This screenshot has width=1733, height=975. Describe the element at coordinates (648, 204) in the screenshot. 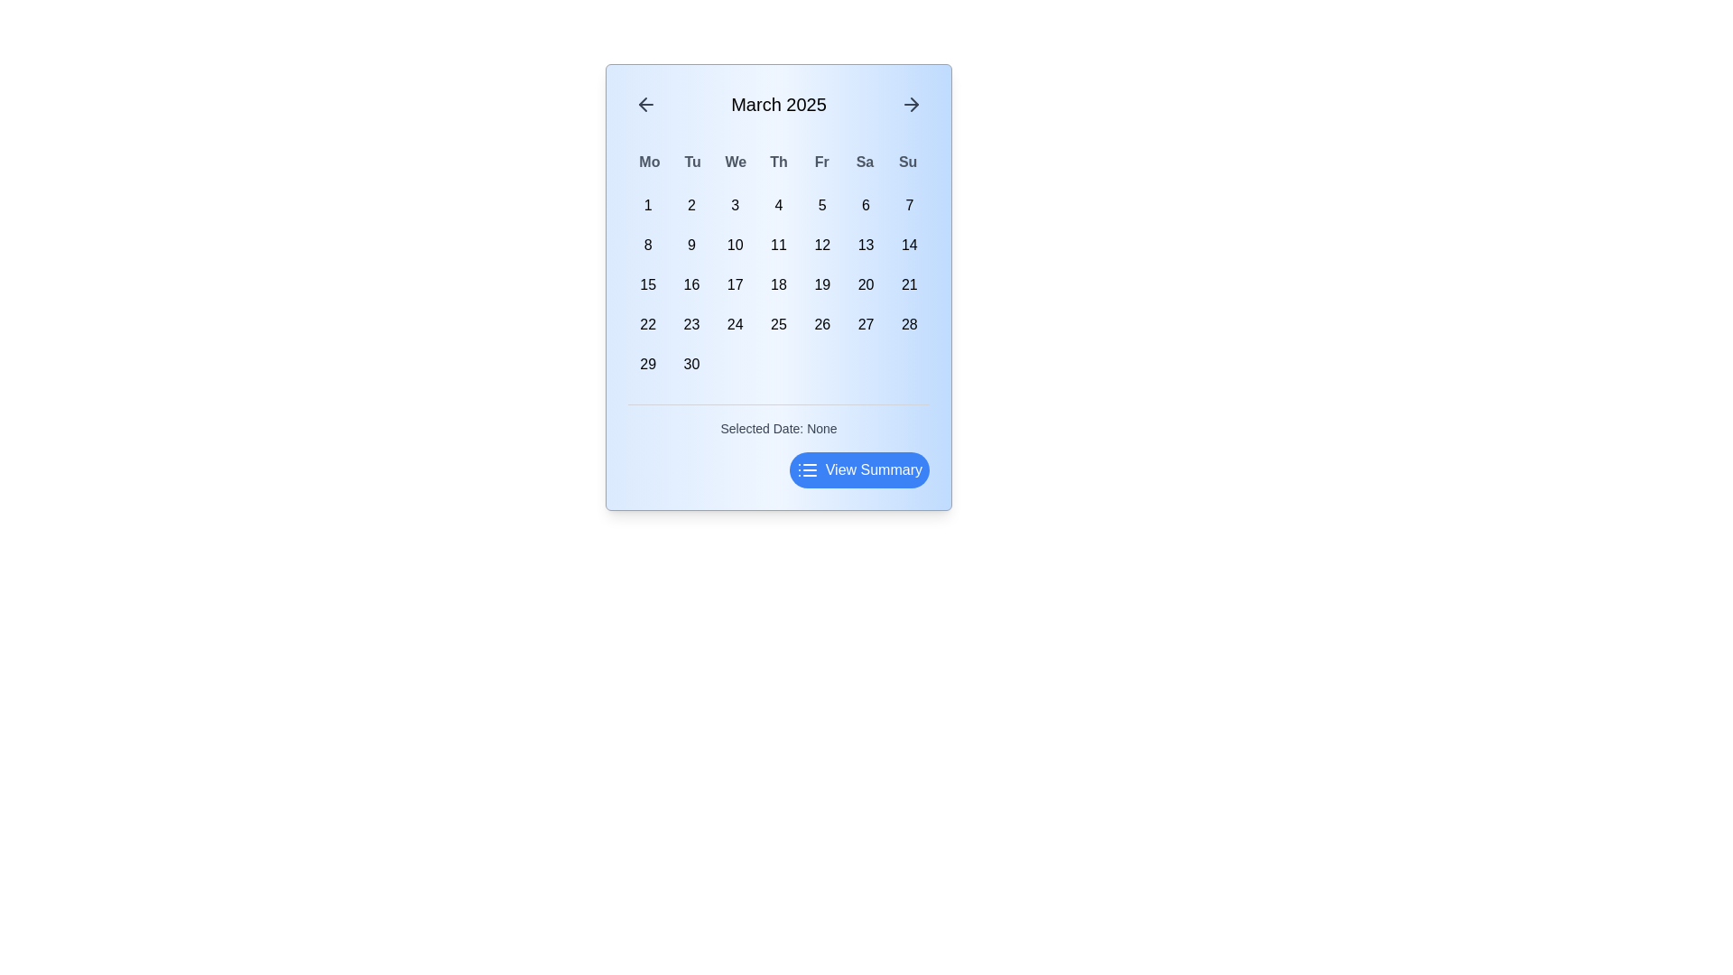

I see `the rounded button with a bold numeral '1' in the calendar view` at that location.